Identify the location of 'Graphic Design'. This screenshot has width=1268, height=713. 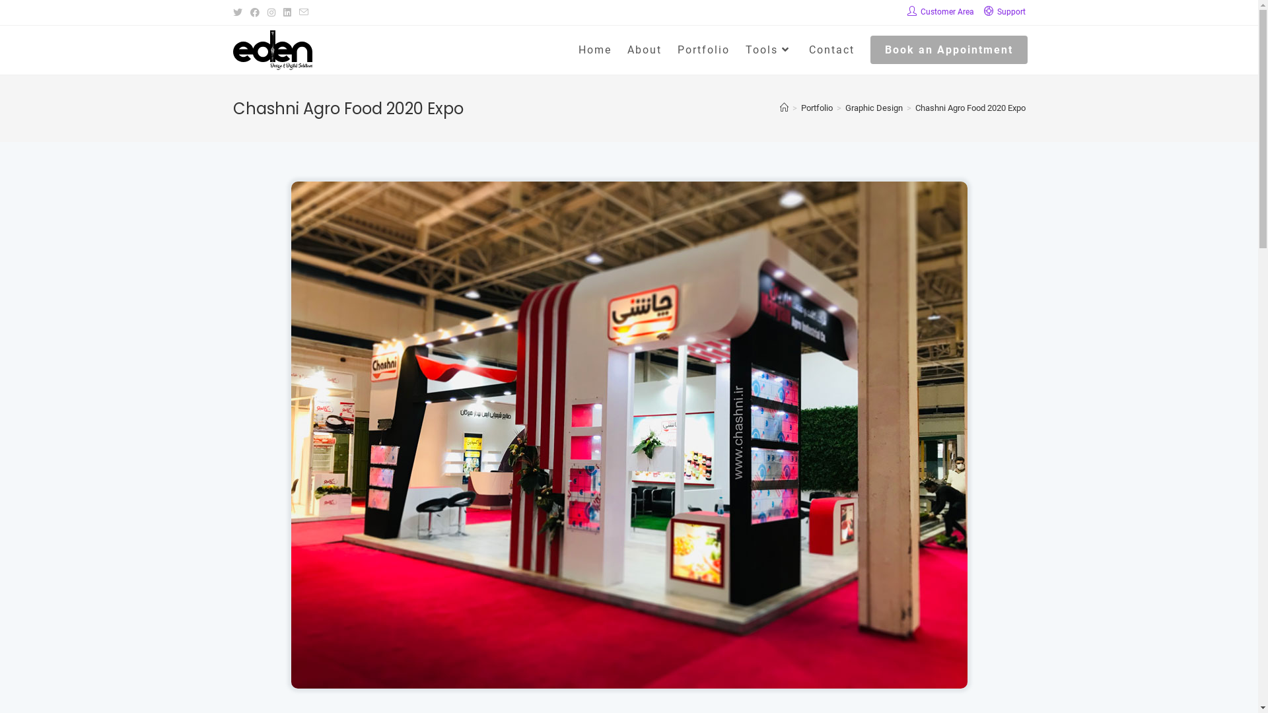
(874, 107).